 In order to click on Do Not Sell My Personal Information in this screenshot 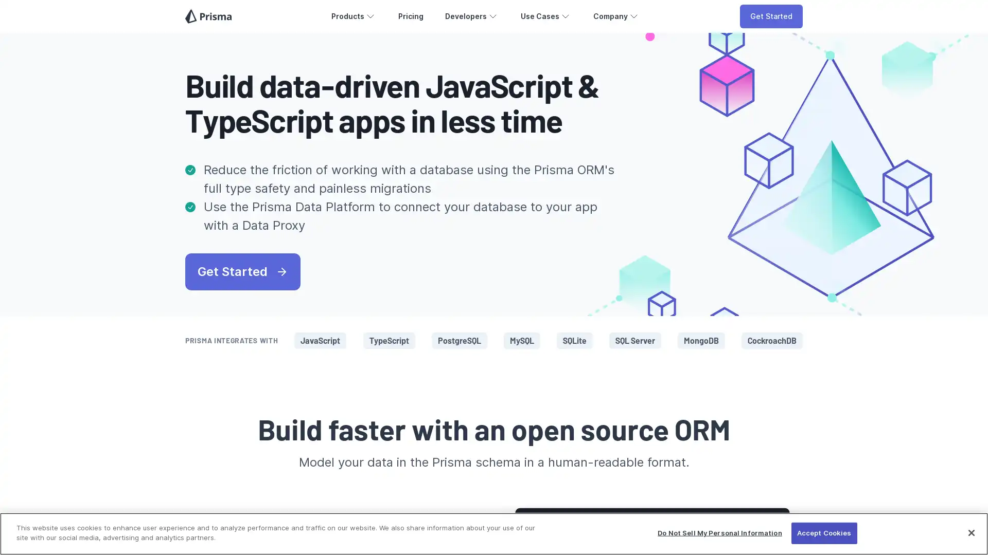, I will do `click(719, 532)`.